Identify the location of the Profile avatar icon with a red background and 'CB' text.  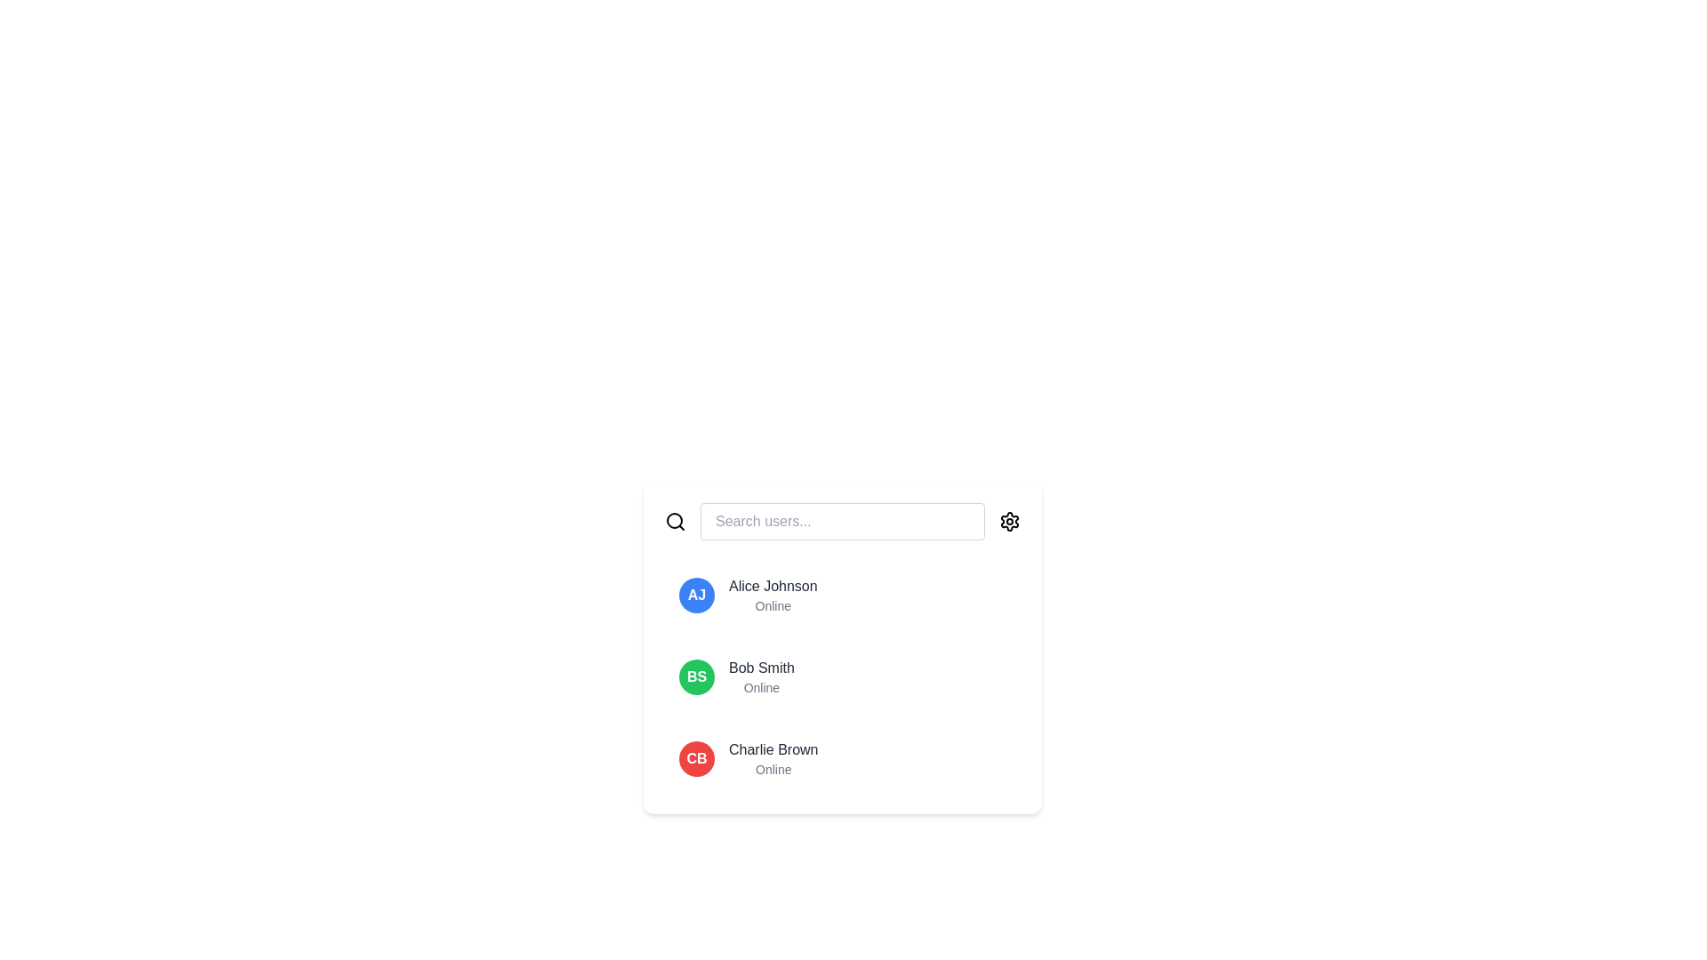
(695, 758).